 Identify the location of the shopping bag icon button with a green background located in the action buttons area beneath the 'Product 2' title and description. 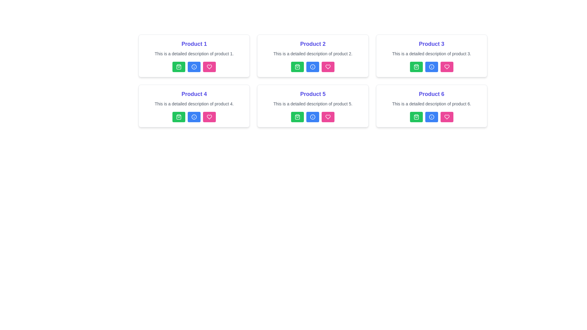
(297, 67).